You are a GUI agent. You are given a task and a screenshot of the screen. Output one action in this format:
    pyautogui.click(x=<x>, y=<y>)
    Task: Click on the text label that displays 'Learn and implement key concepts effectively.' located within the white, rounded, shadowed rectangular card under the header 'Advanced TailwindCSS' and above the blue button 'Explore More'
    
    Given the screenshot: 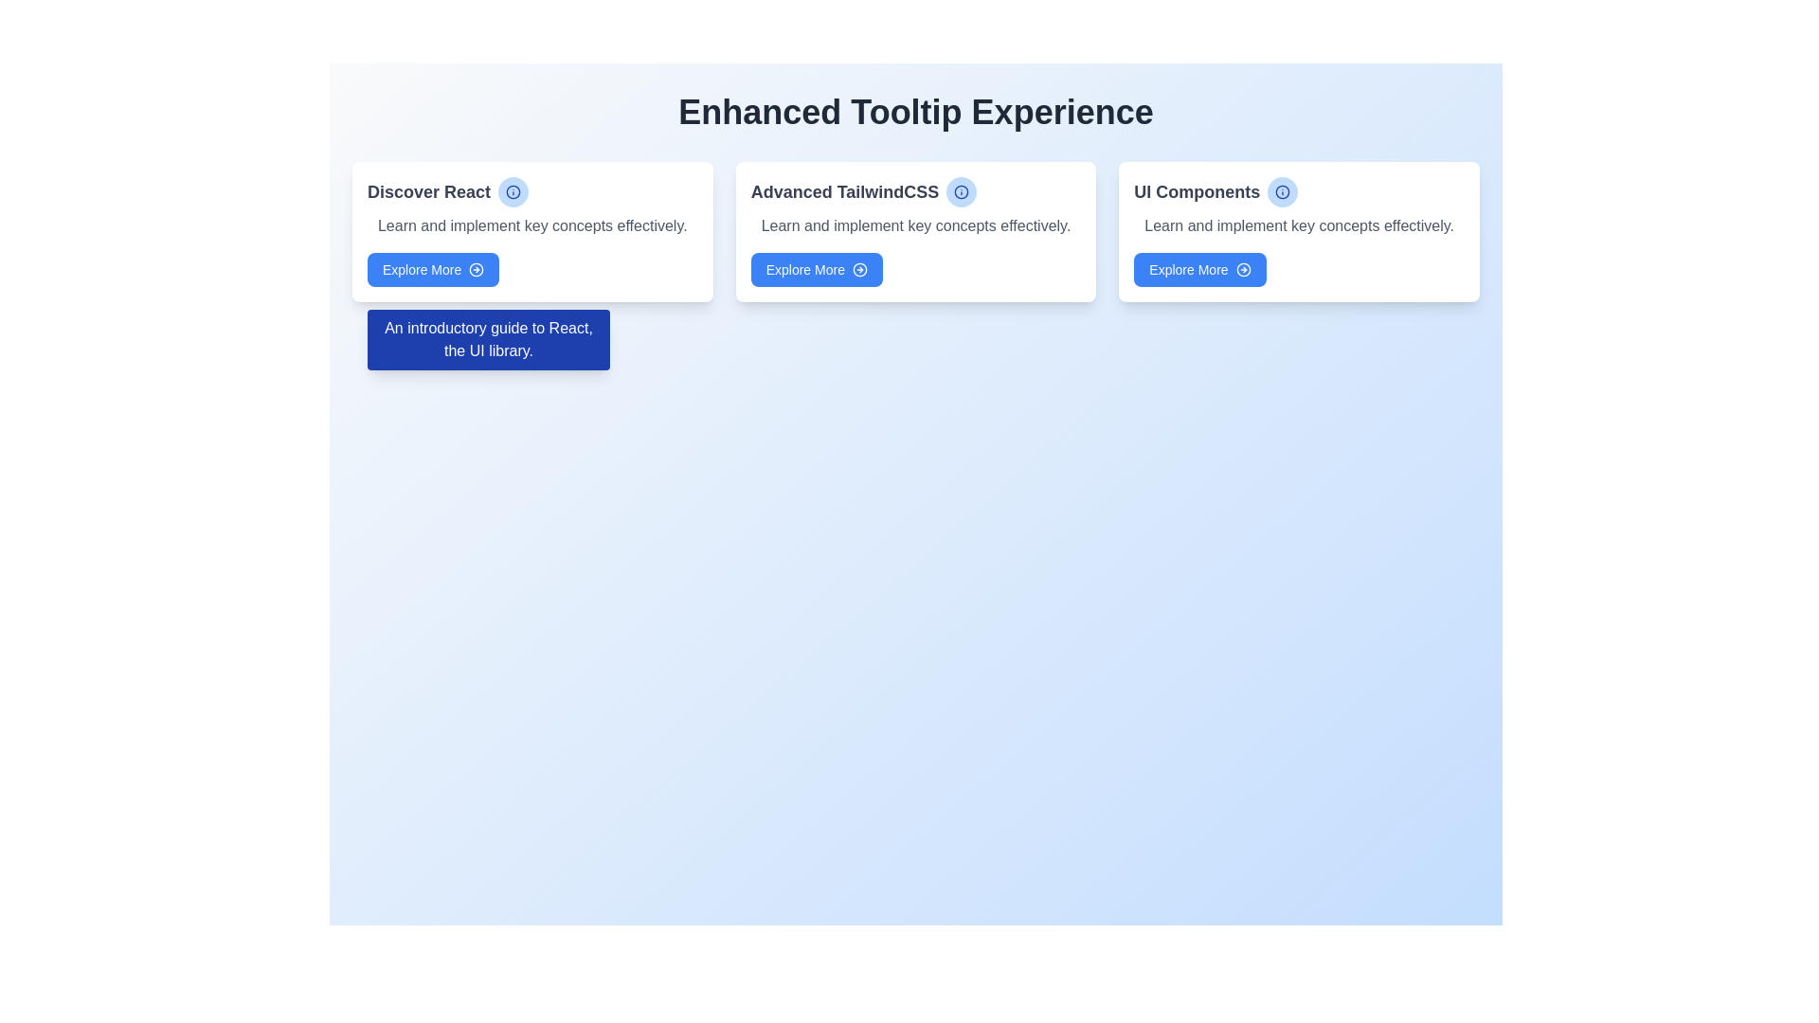 What is the action you would take?
    pyautogui.click(x=915, y=225)
    